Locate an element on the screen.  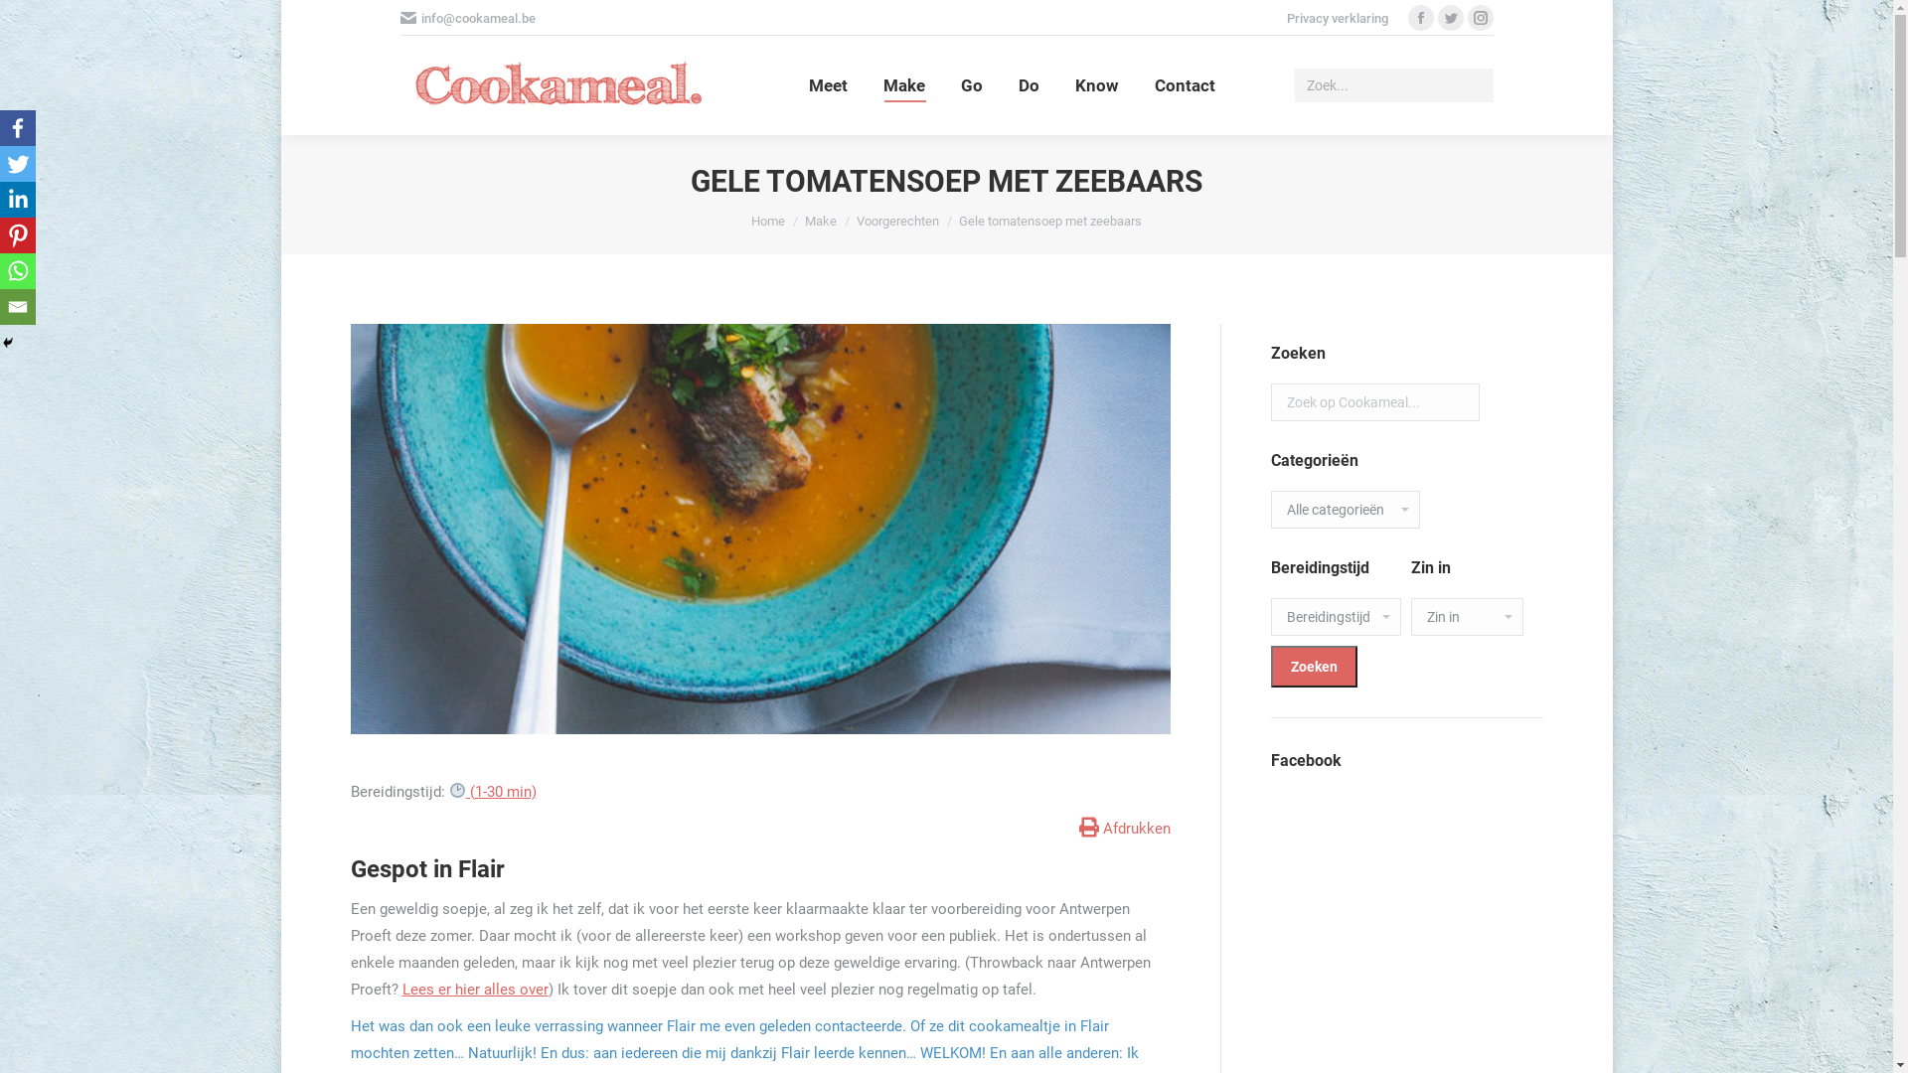
'Go!' is located at coordinates (0, 20).